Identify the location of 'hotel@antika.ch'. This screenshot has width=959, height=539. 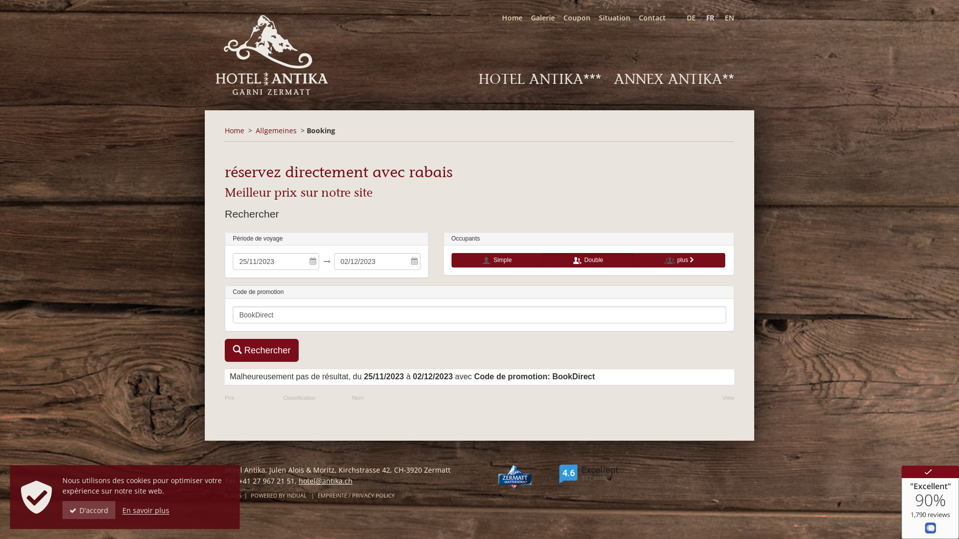
(326, 480).